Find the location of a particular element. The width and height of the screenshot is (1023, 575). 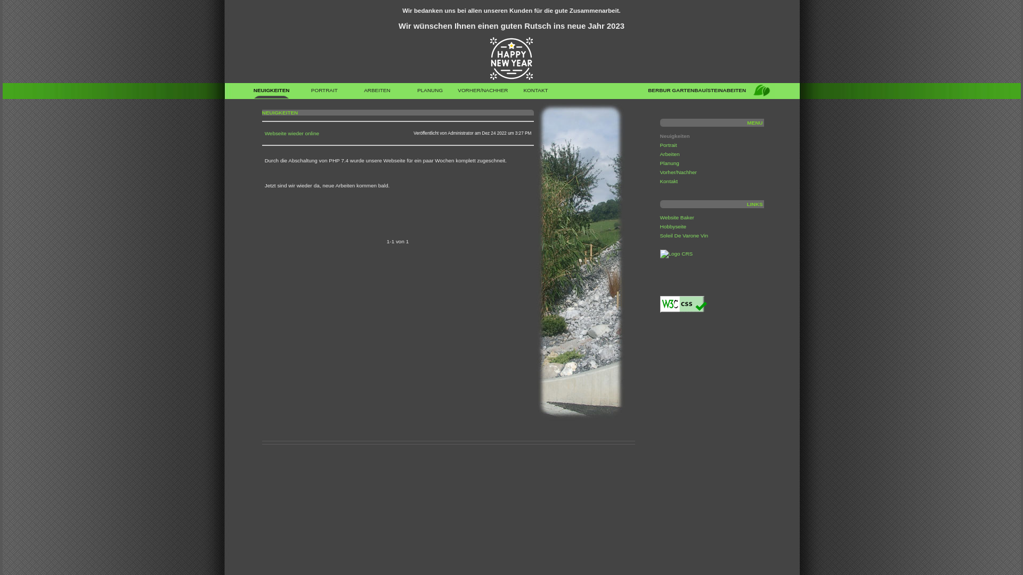

'Vorher/Nachher' is located at coordinates (677, 171).